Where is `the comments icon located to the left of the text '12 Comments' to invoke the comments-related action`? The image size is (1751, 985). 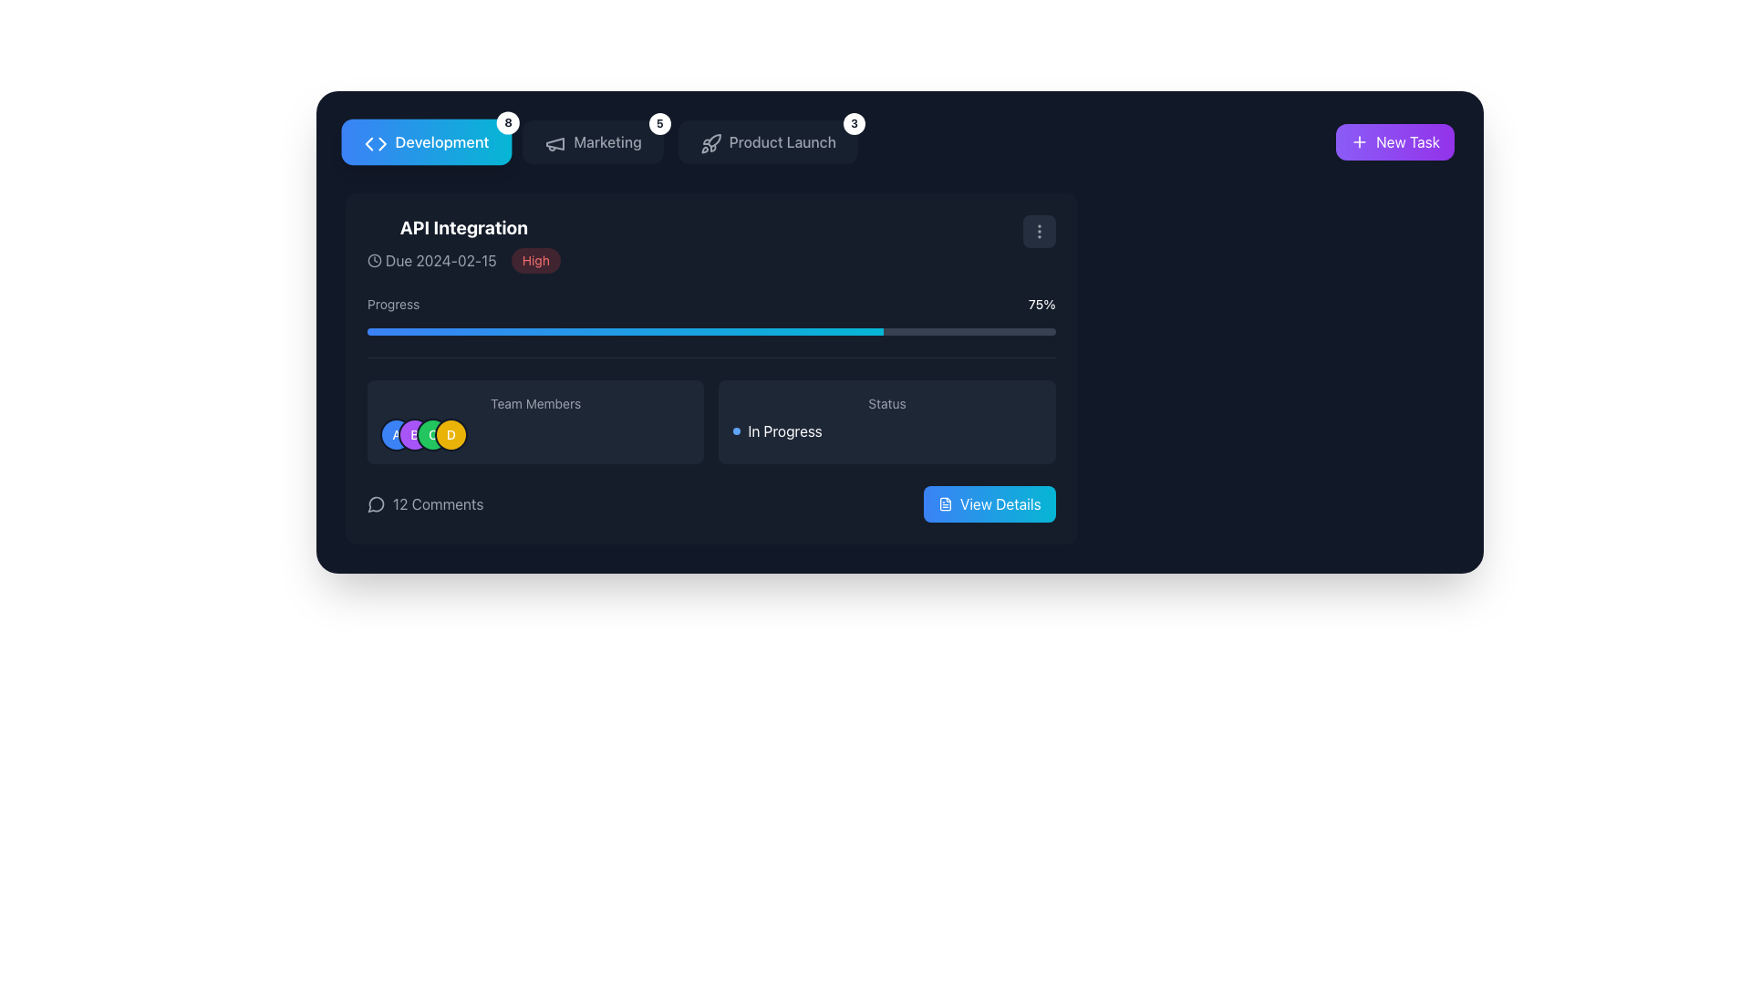
the comments icon located to the left of the text '12 Comments' to invoke the comments-related action is located at coordinates (375, 503).